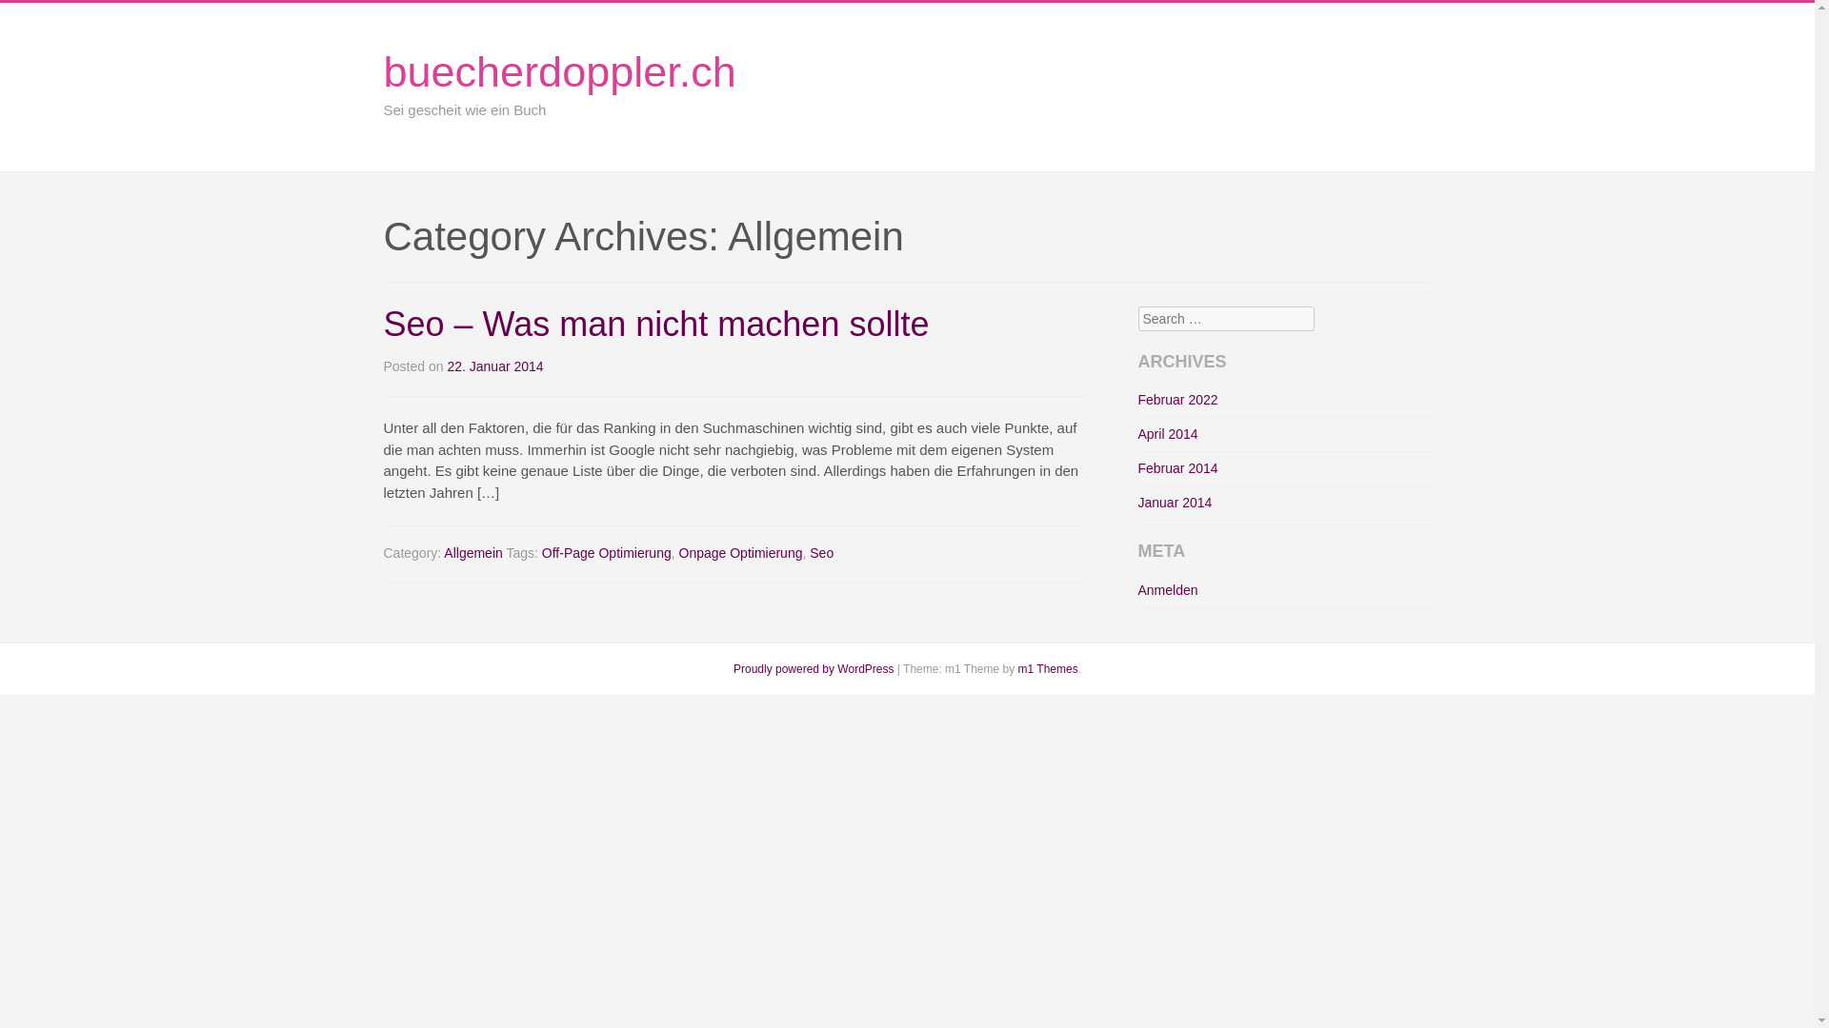 This screenshot has width=1829, height=1028. What do you see at coordinates (494, 366) in the screenshot?
I see `'22. Januar 2014'` at bounding box center [494, 366].